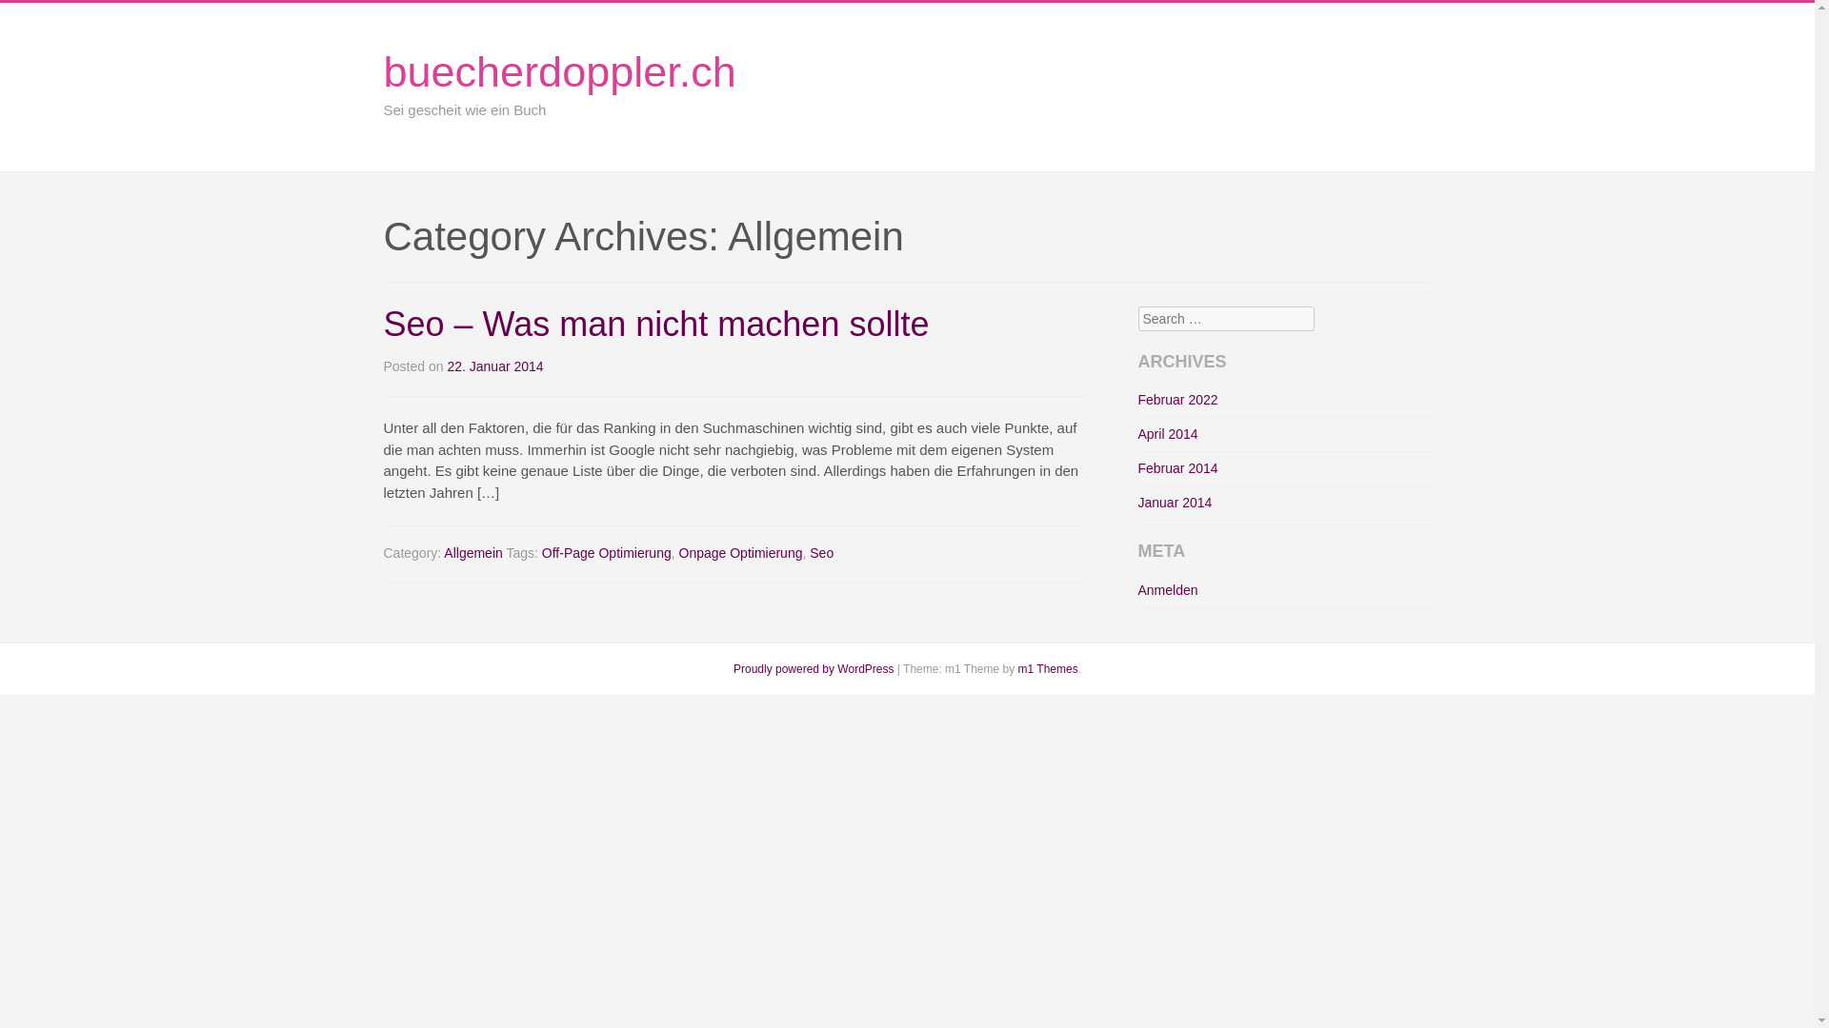 This screenshot has width=1829, height=1028. What do you see at coordinates (494, 366) in the screenshot?
I see `'22. Januar 2014'` at bounding box center [494, 366].